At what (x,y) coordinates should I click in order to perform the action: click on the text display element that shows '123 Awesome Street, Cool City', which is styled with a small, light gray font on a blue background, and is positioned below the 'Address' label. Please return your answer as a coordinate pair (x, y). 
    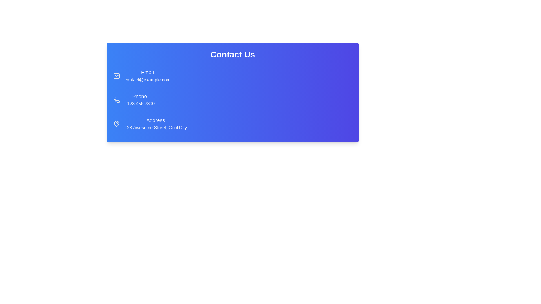
    Looking at the image, I should click on (156, 128).